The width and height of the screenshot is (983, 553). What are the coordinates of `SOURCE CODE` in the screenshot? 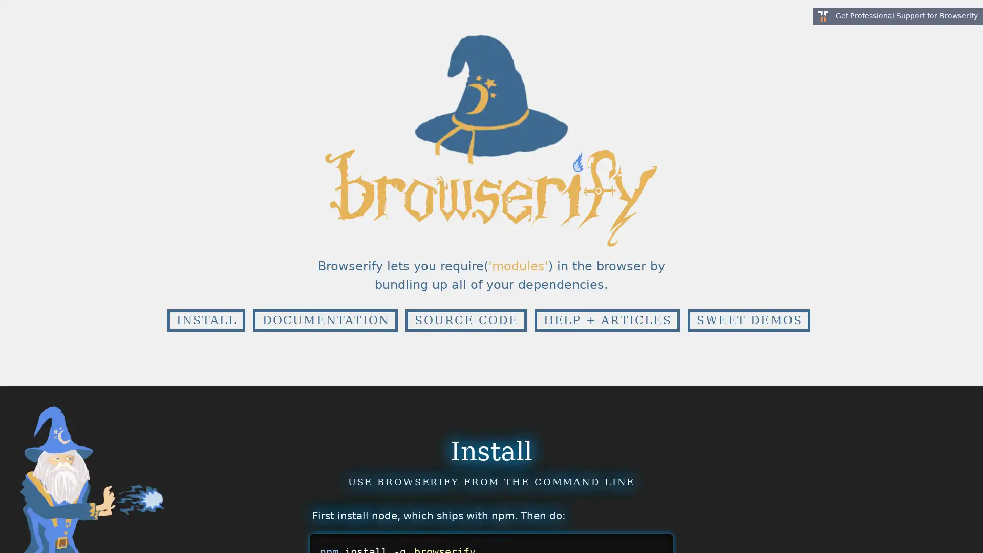 It's located at (465, 320).